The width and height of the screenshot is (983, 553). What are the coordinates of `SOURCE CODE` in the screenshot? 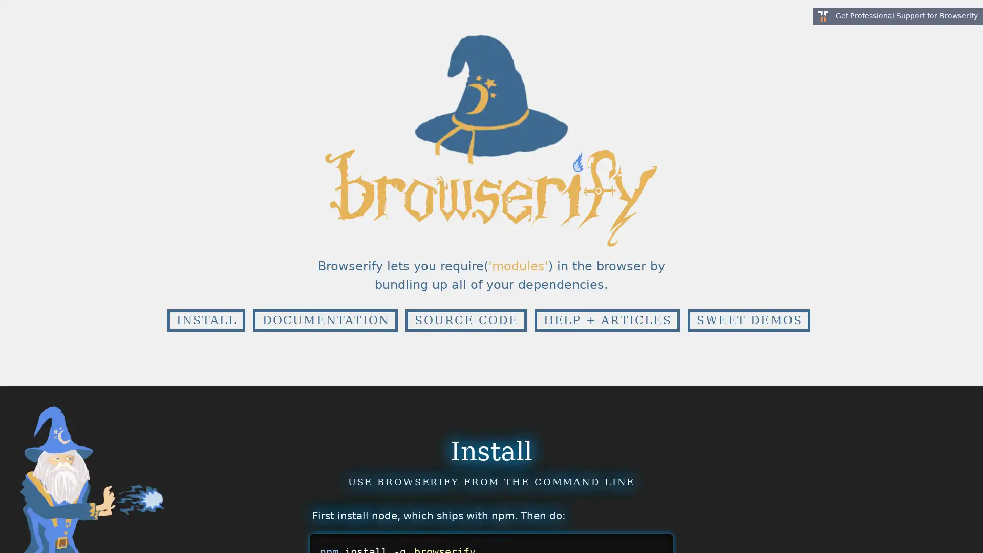 It's located at (465, 320).